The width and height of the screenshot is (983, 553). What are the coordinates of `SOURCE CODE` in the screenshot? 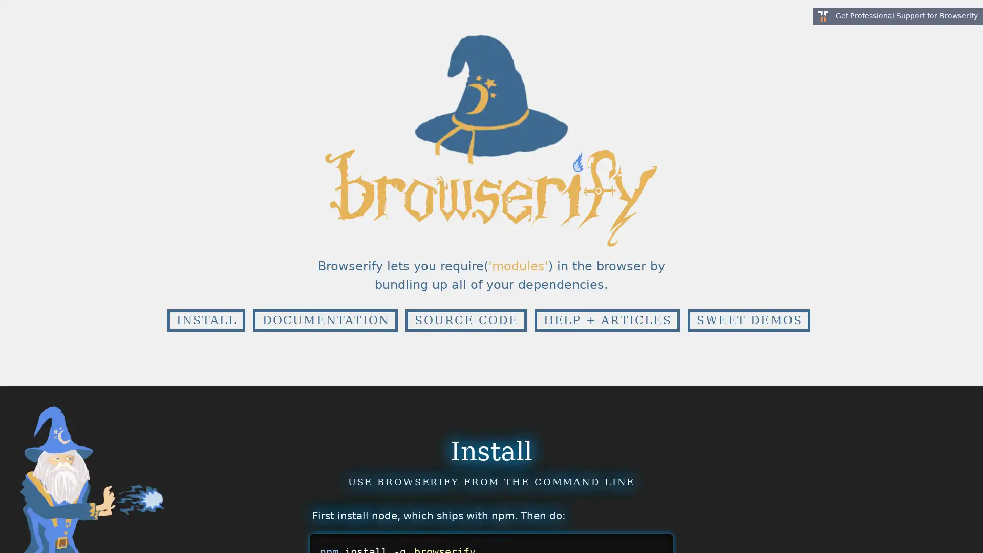 It's located at (465, 320).